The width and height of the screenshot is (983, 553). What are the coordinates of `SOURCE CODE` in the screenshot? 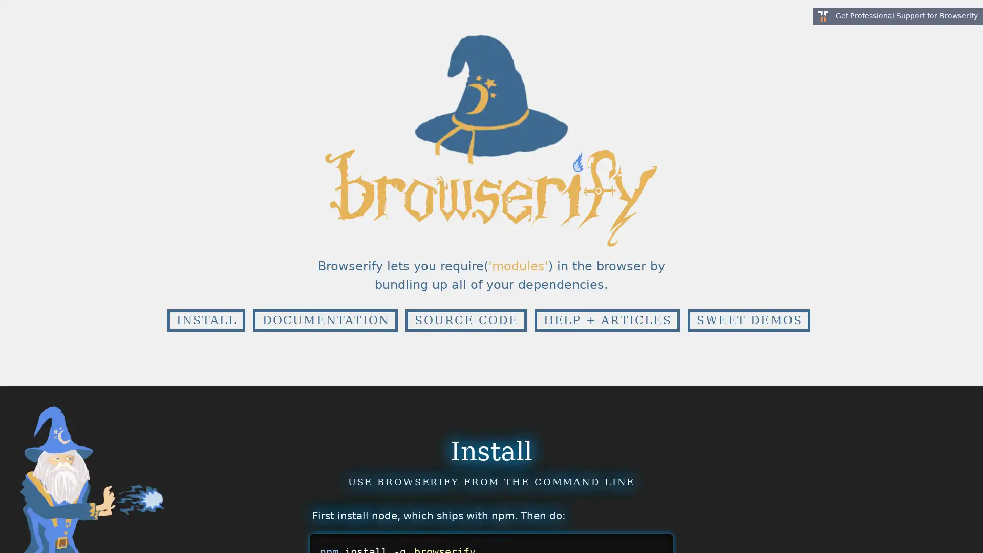 It's located at (465, 320).